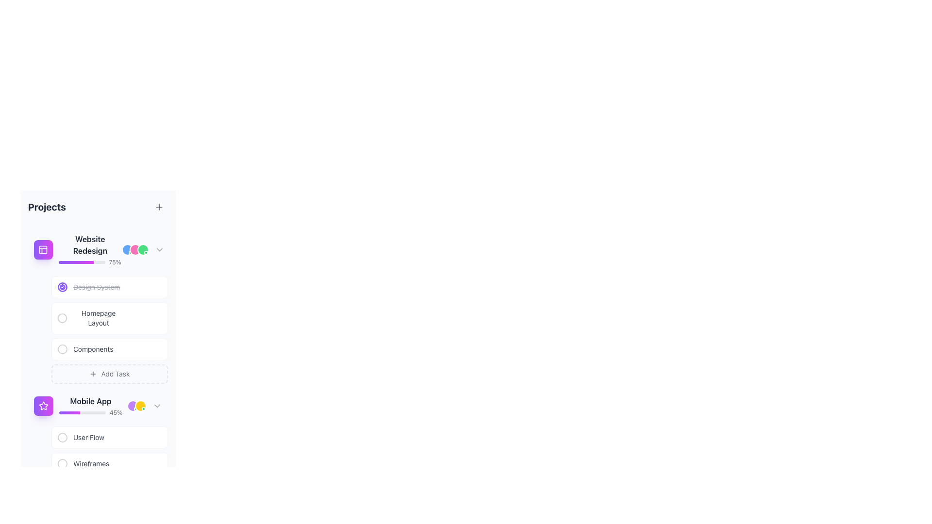  Describe the element at coordinates (143, 249) in the screenshot. I see `the downward-facing chevron icon located to the right of the composite element comprising three circular avatars (blue, pink, green)` at that location.